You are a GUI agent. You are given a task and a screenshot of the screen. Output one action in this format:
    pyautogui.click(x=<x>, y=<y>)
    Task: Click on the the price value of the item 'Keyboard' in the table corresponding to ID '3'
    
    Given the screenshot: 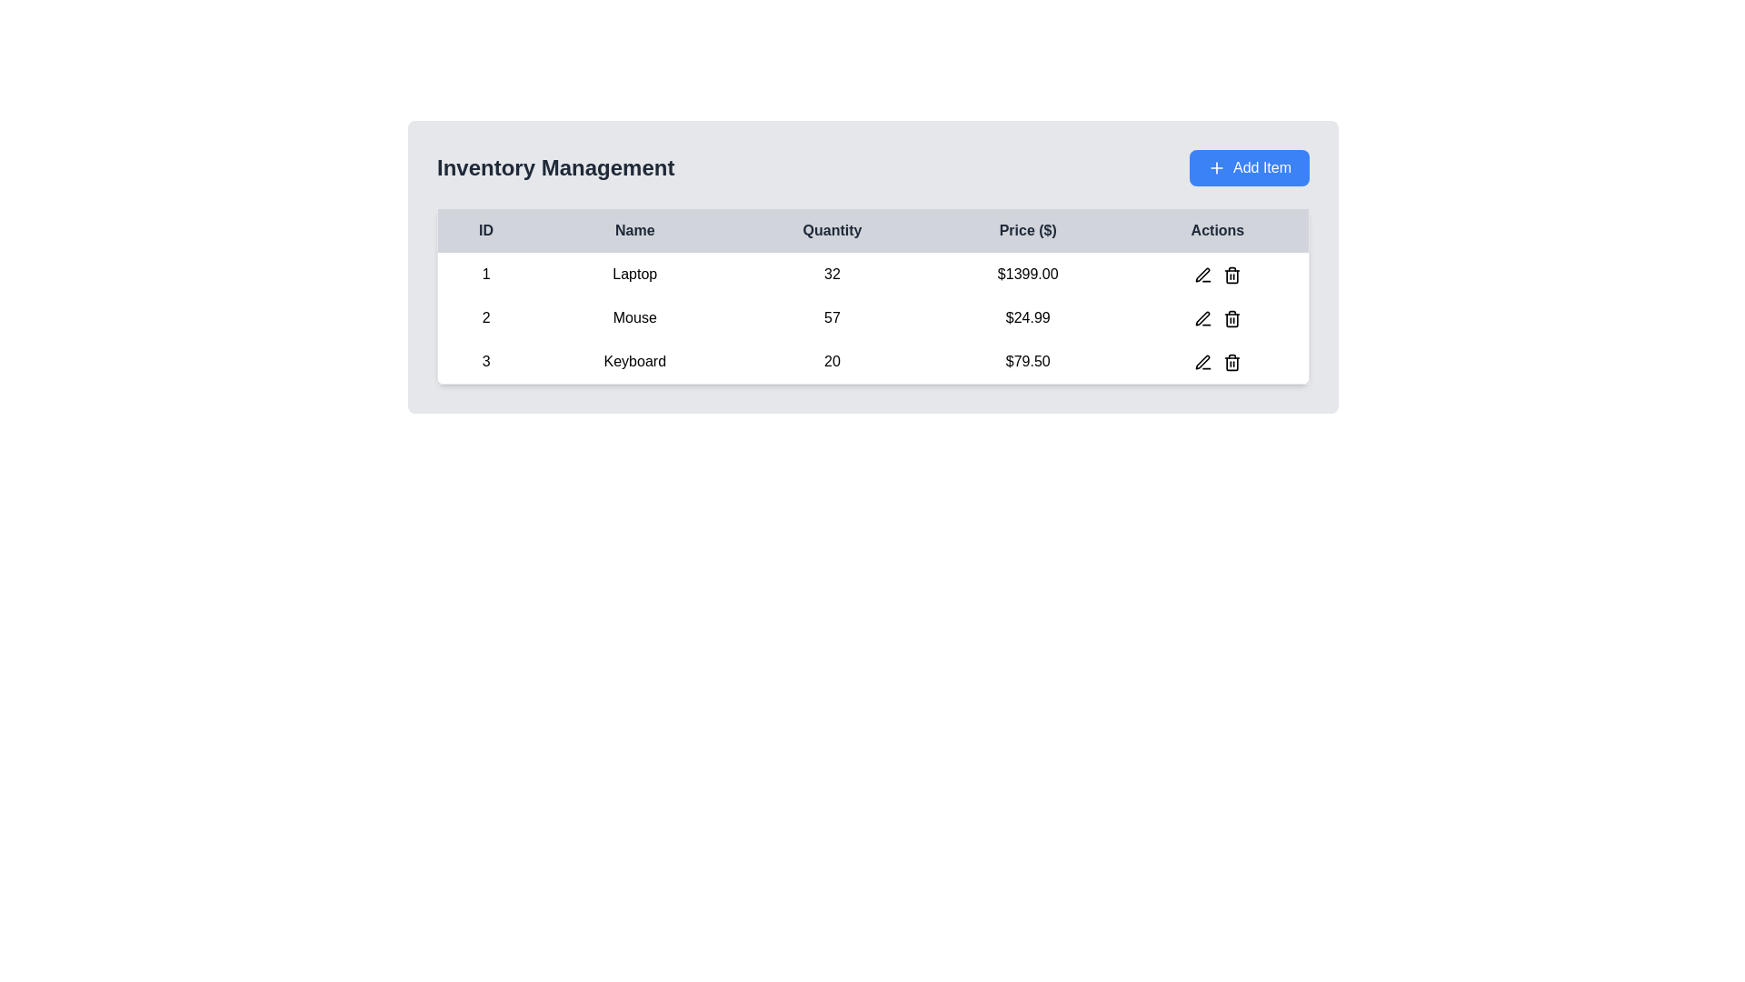 What is the action you would take?
    pyautogui.click(x=1028, y=362)
    